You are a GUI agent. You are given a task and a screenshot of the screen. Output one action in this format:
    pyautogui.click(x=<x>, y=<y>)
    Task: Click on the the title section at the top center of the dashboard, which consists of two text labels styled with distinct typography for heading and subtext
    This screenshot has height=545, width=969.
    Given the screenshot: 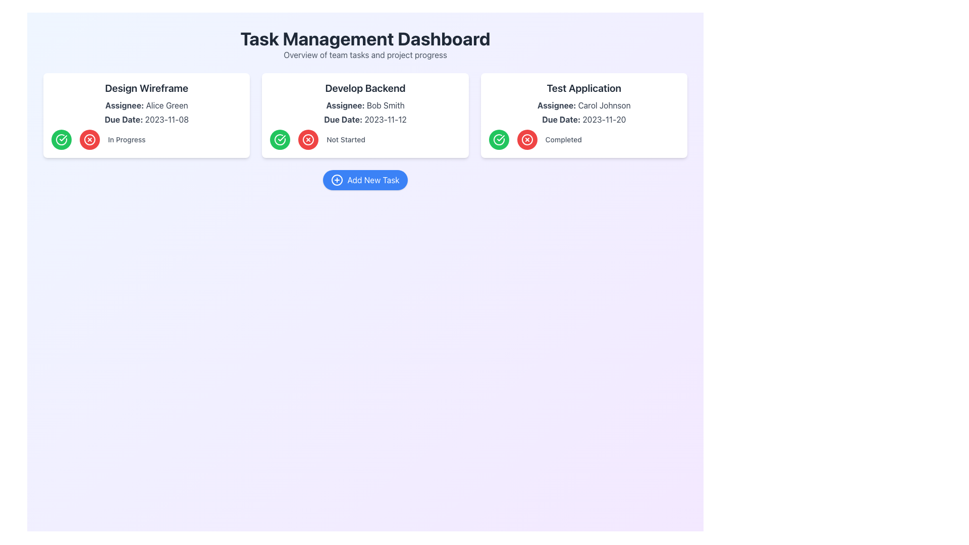 What is the action you would take?
    pyautogui.click(x=365, y=44)
    